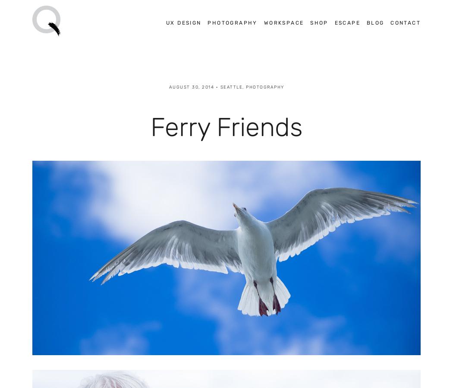 Image resolution: width=453 pixels, height=388 pixels. Describe the element at coordinates (191, 86) in the screenshot. I see `'August 30, 2014'` at that location.